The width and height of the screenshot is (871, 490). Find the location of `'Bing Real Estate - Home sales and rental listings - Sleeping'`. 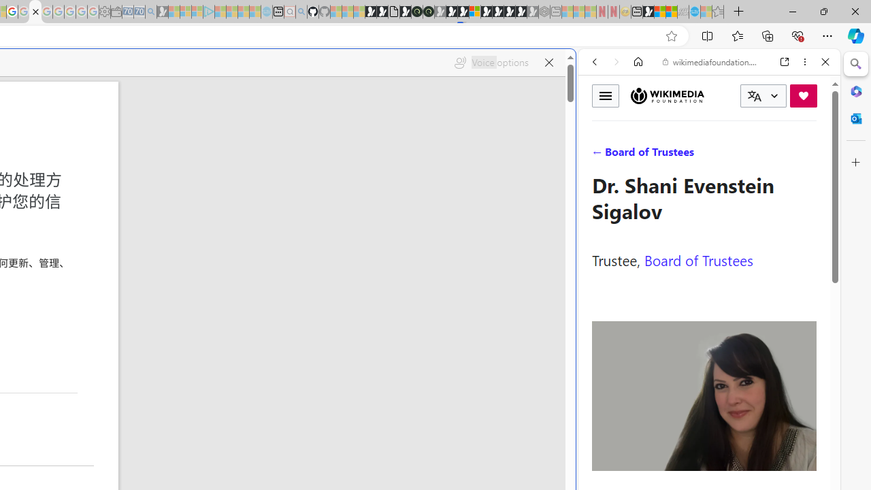

'Bing Real Estate - Home sales and rental listings - Sleeping' is located at coordinates (151, 12).